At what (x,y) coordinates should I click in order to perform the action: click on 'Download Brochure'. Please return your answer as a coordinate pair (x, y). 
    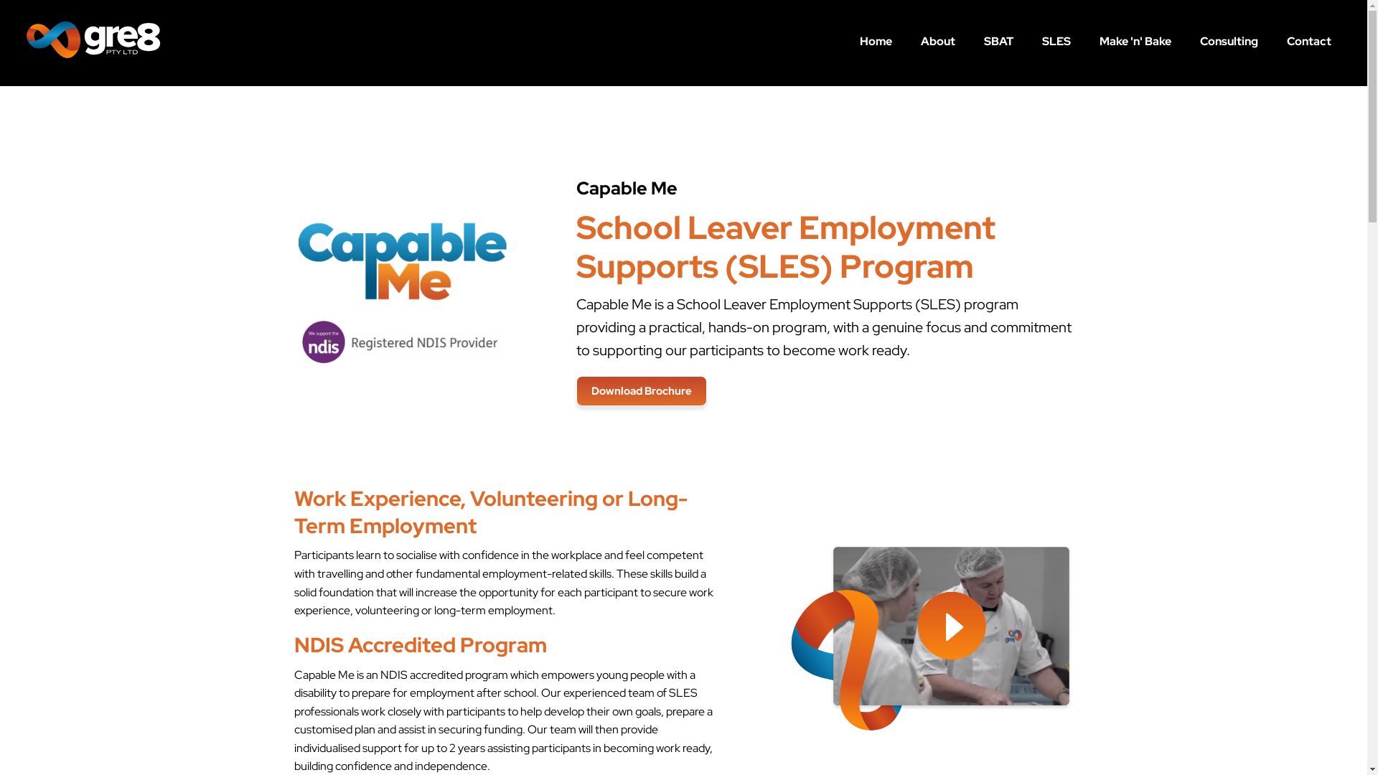
    Looking at the image, I should click on (640, 390).